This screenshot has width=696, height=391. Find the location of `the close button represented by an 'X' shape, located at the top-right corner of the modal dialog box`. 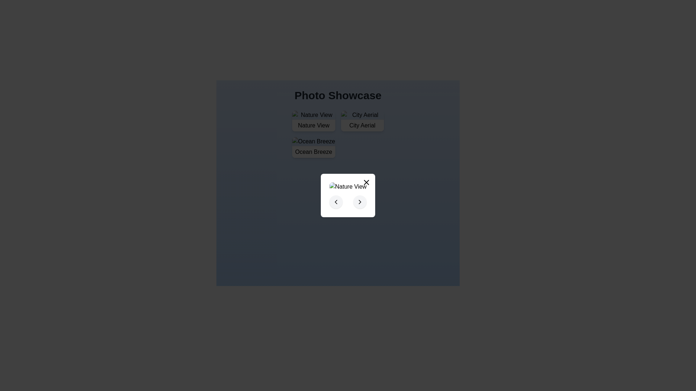

the close button represented by an 'X' shape, located at the top-right corner of the modal dialog box is located at coordinates (366, 182).